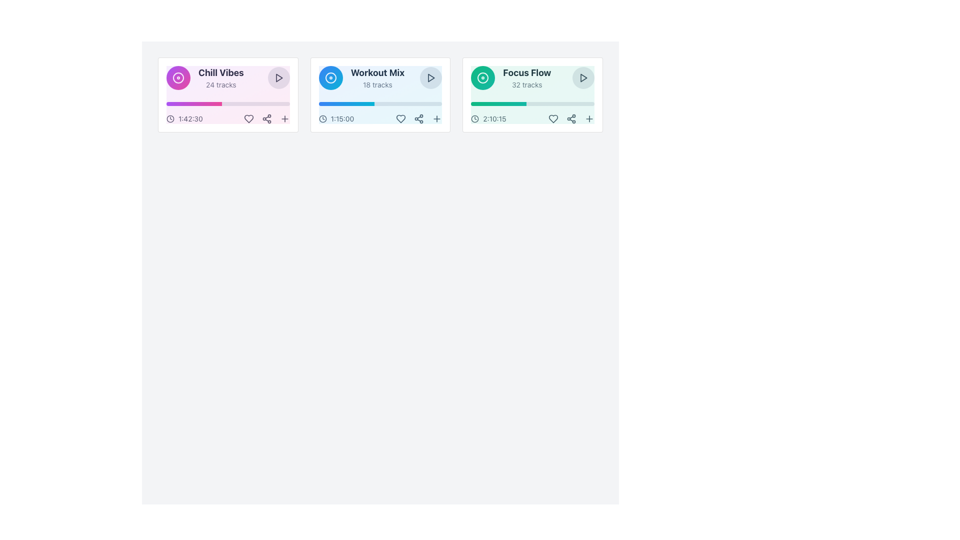  Describe the element at coordinates (342, 118) in the screenshot. I see `the content of the text element displaying the duration '1:15:00', which is aligned horizontally beside a clock icon in the 'Workout Mix' card` at that location.